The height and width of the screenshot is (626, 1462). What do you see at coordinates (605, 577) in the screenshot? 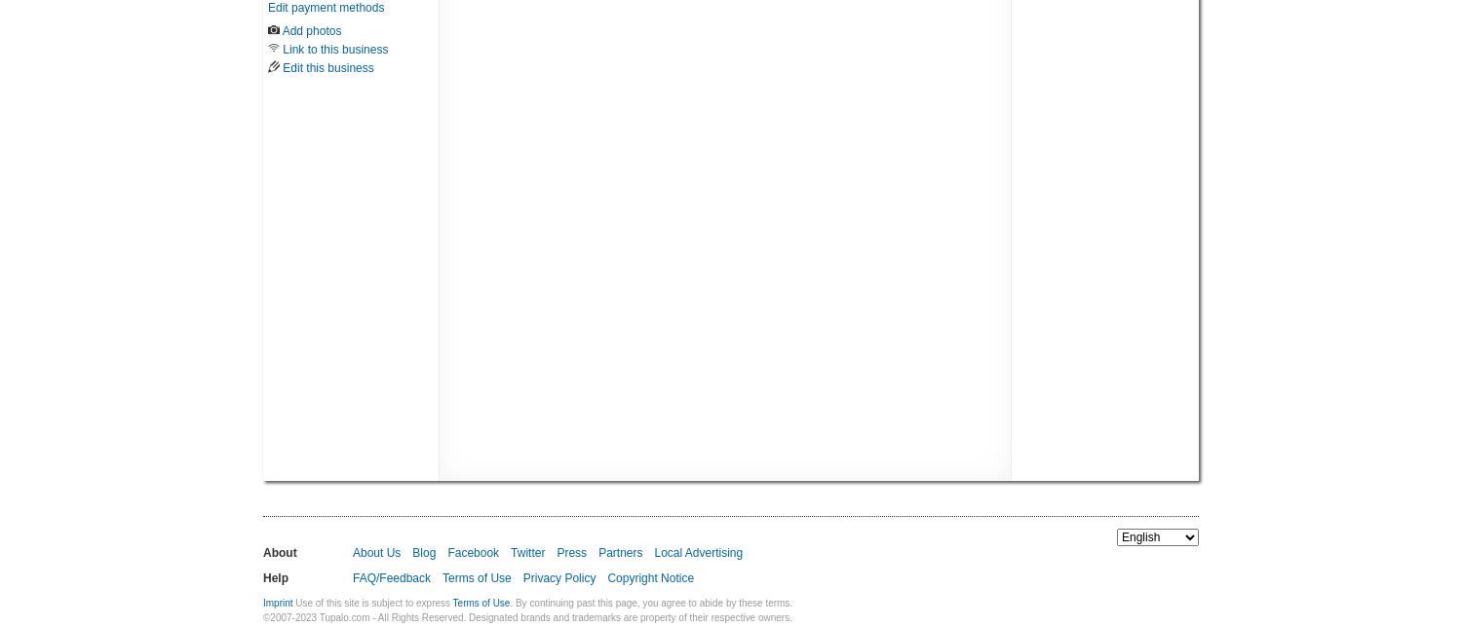
I see `'Copyright Notice'` at bounding box center [605, 577].